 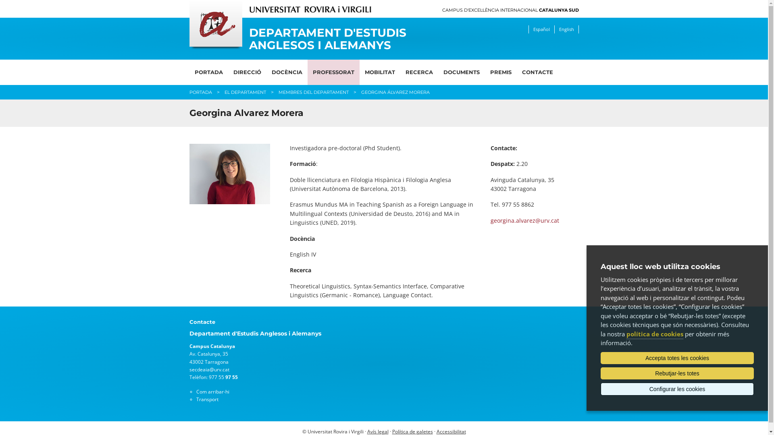 What do you see at coordinates (196, 399) in the screenshot?
I see `'Transport'` at bounding box center [196, 399].